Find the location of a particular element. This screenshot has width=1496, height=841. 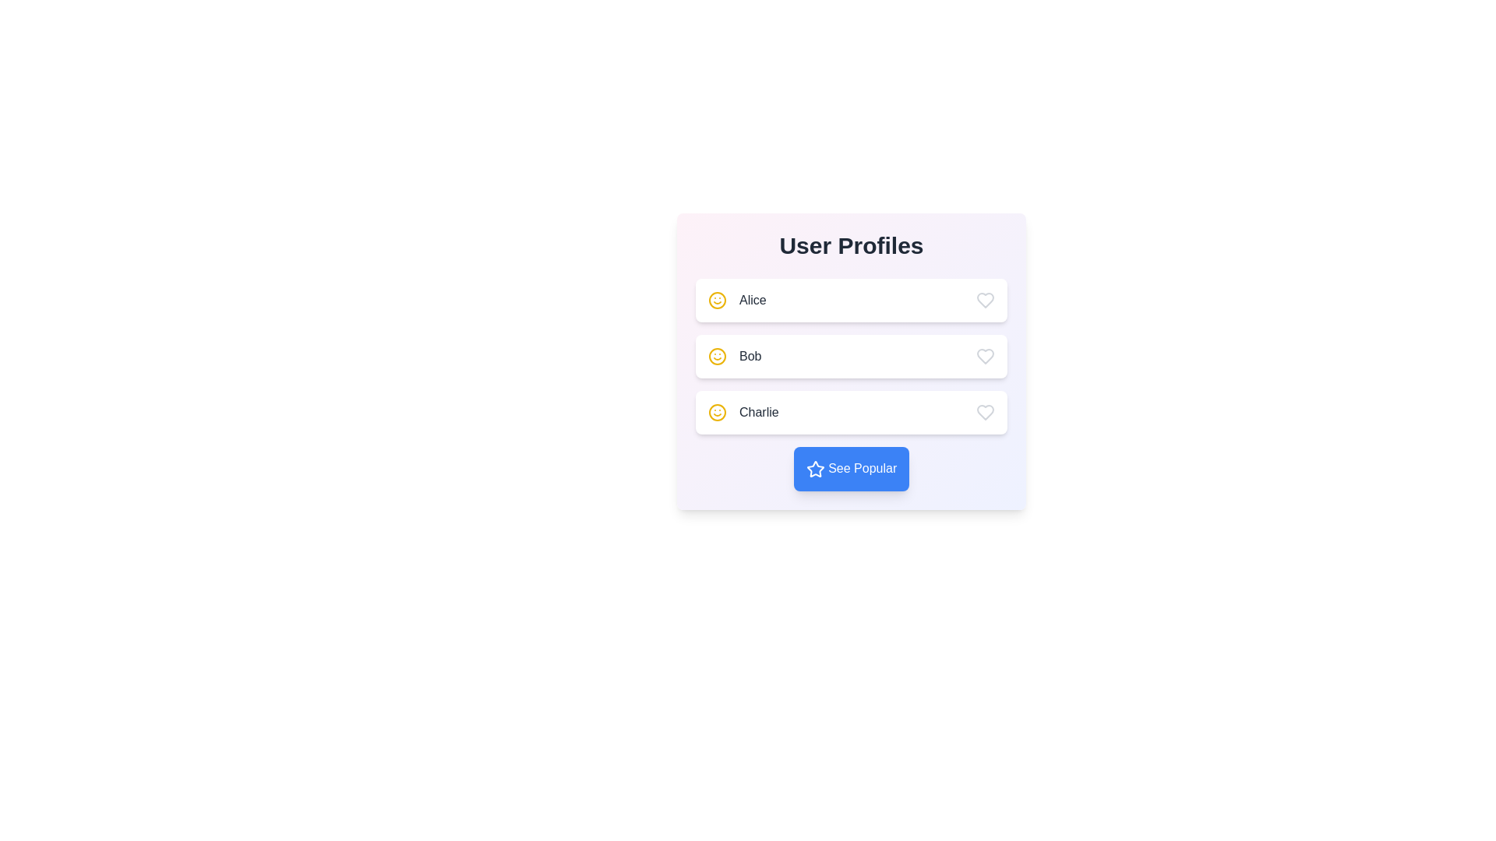

the smiling face icon located at the top-left corner of Alice's profile entry to denote a happy sentiment is located at coordinates (717, 357).